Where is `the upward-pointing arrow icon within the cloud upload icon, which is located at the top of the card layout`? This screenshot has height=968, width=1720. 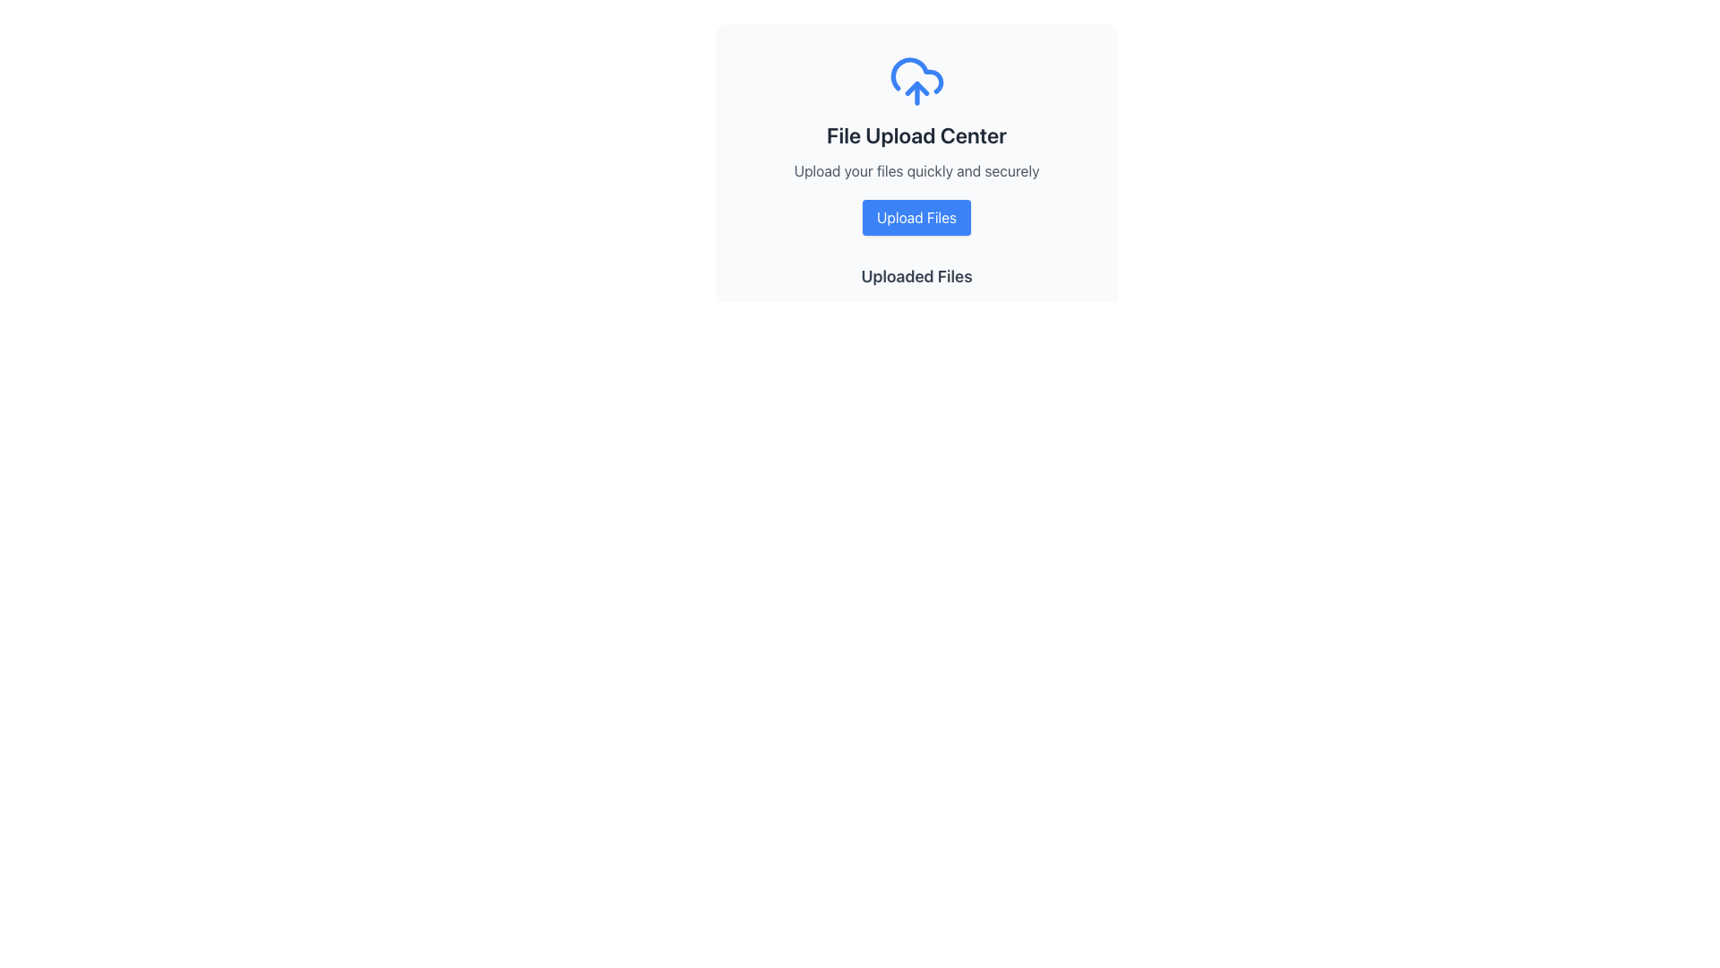 the upward-pointing arrow icon within the cloud upload icon, which is located at the top of the card layout is located at coordinates (916, 89).